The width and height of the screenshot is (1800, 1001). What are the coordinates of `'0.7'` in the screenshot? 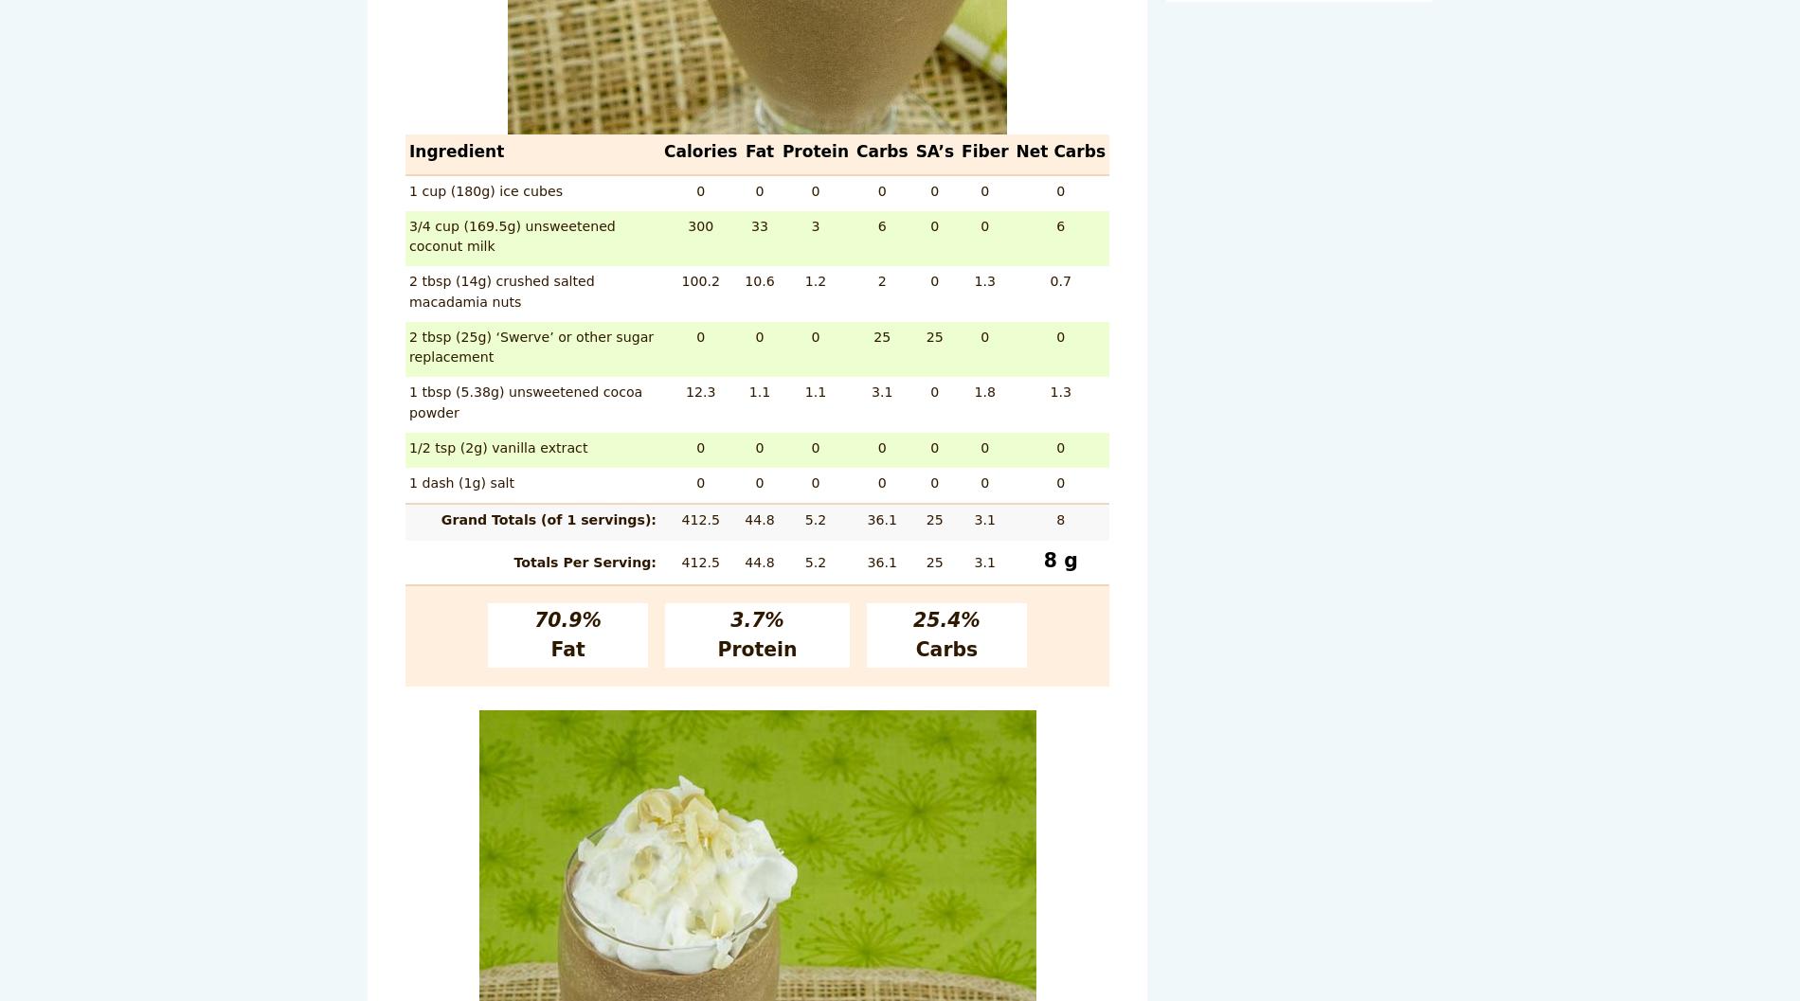 It's located at (1060, 280).